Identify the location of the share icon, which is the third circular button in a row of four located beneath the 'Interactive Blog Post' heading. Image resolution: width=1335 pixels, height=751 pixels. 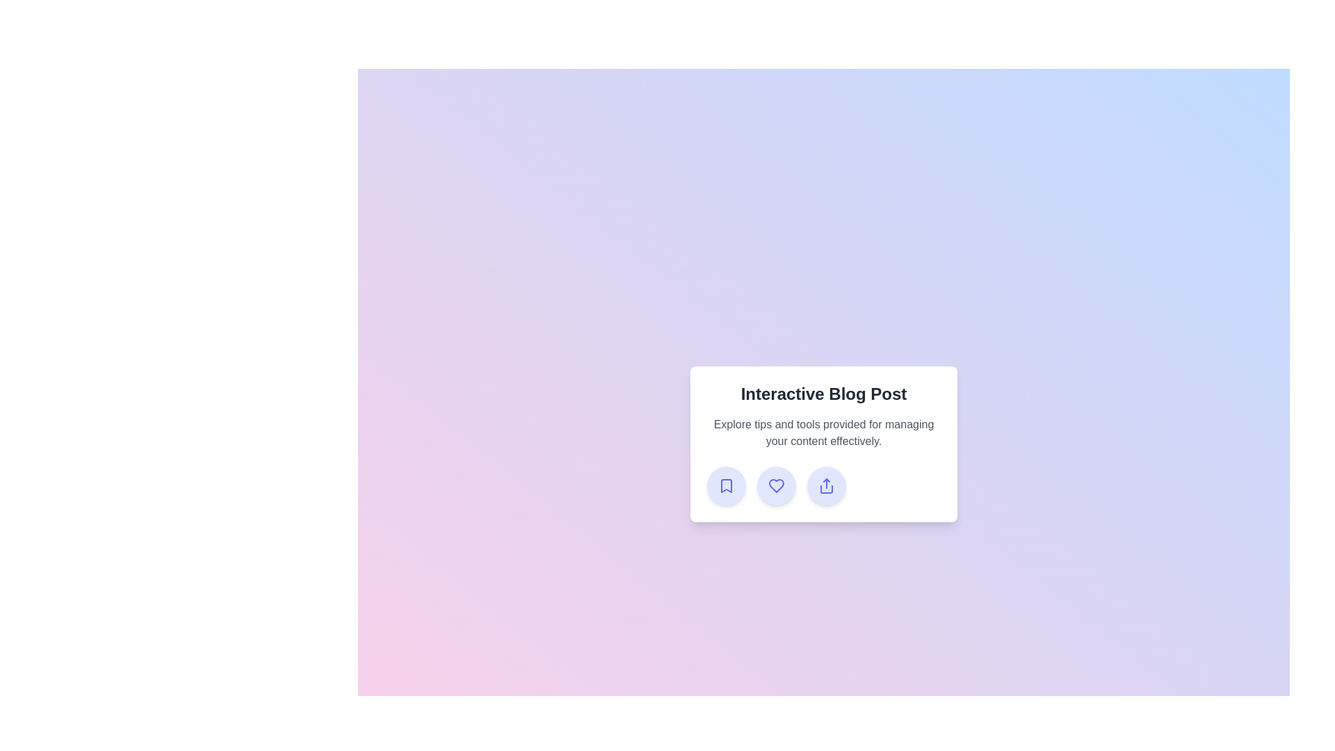
(827, 485).